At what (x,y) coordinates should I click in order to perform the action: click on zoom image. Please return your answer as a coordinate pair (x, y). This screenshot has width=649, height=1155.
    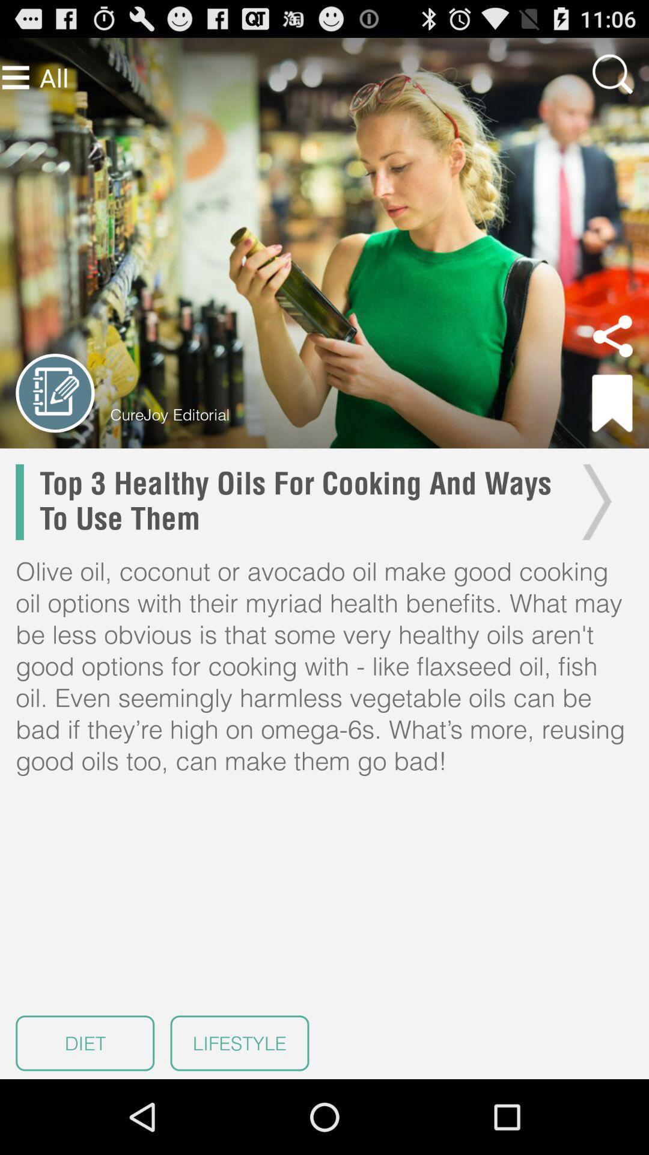
    Looking at the image, I should click on (612, 73).